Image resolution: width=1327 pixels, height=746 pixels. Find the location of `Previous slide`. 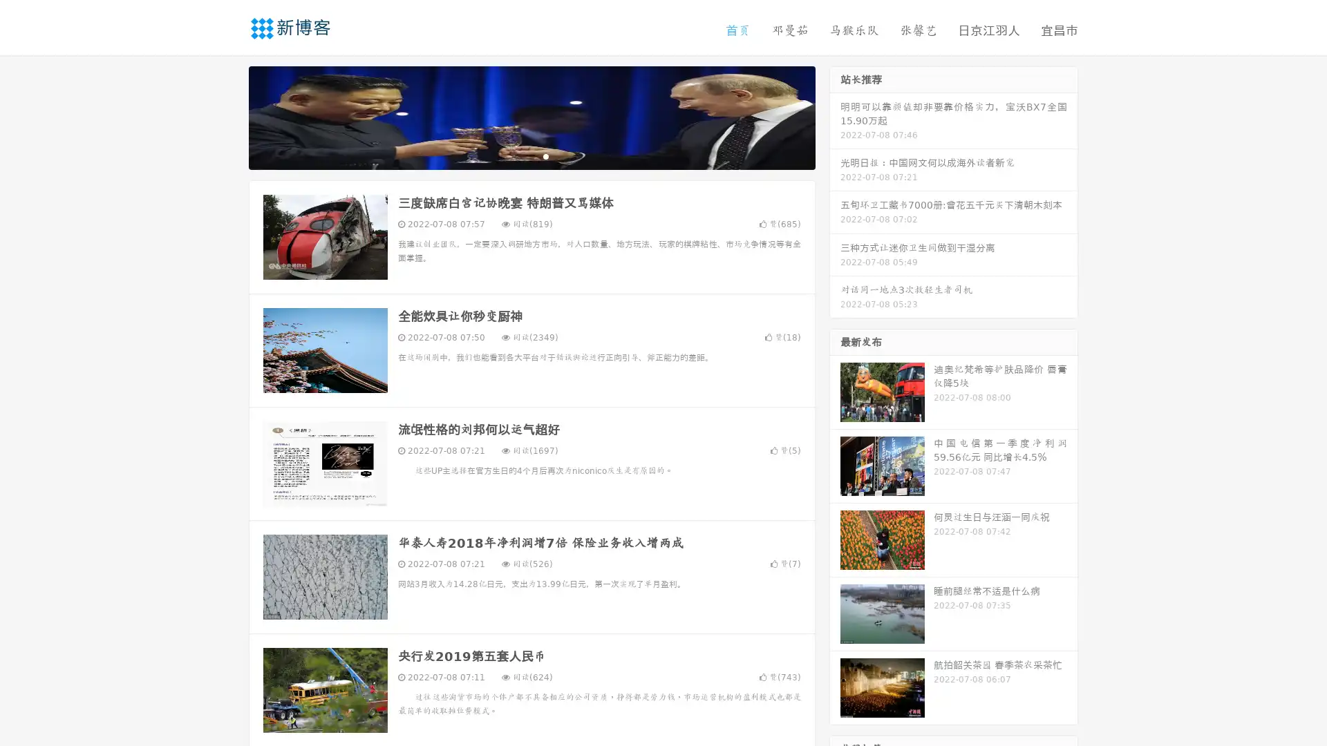

Previous slide is located at coordinates (228, 116).